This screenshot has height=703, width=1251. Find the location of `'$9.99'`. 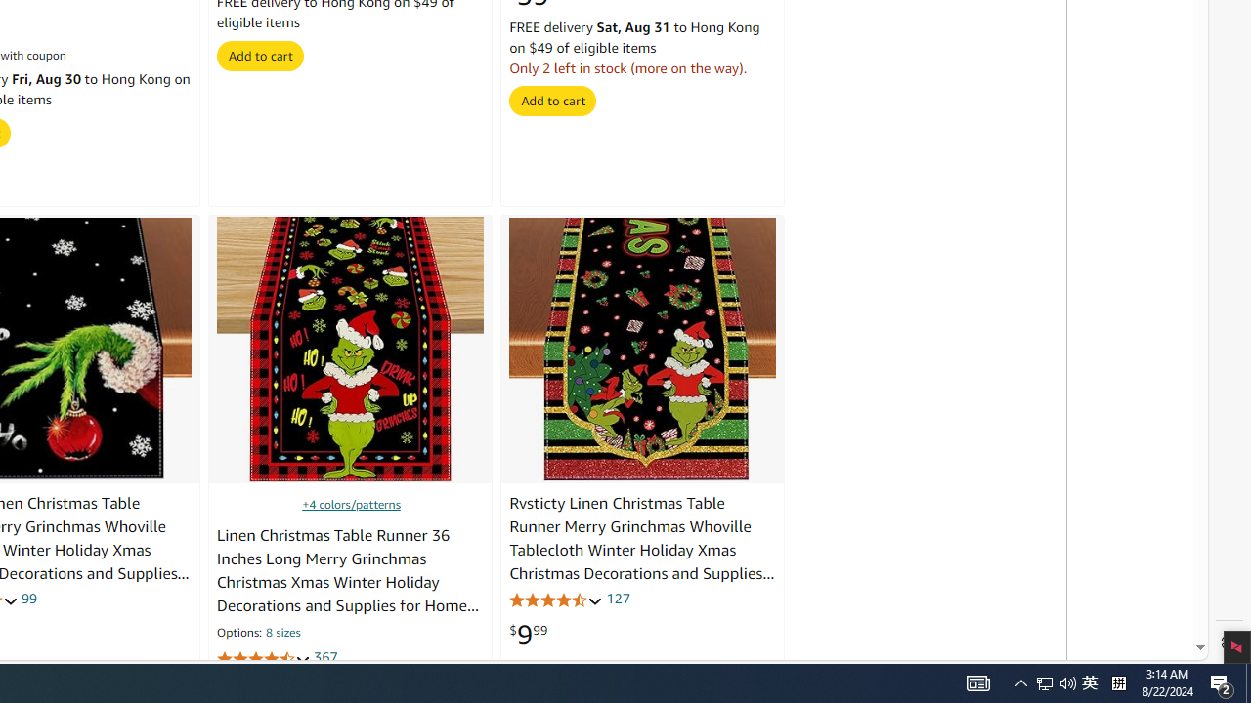

'$9.99' is located at coordinates (528, 635).